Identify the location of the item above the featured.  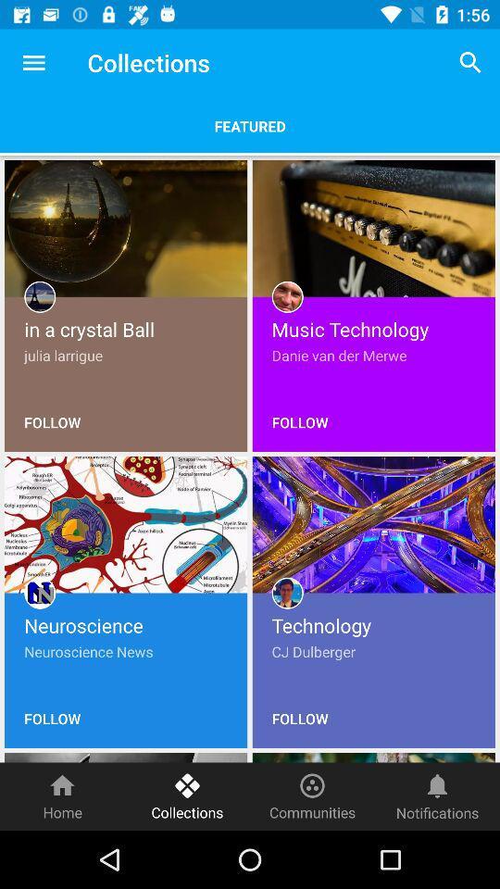
(33, 63).